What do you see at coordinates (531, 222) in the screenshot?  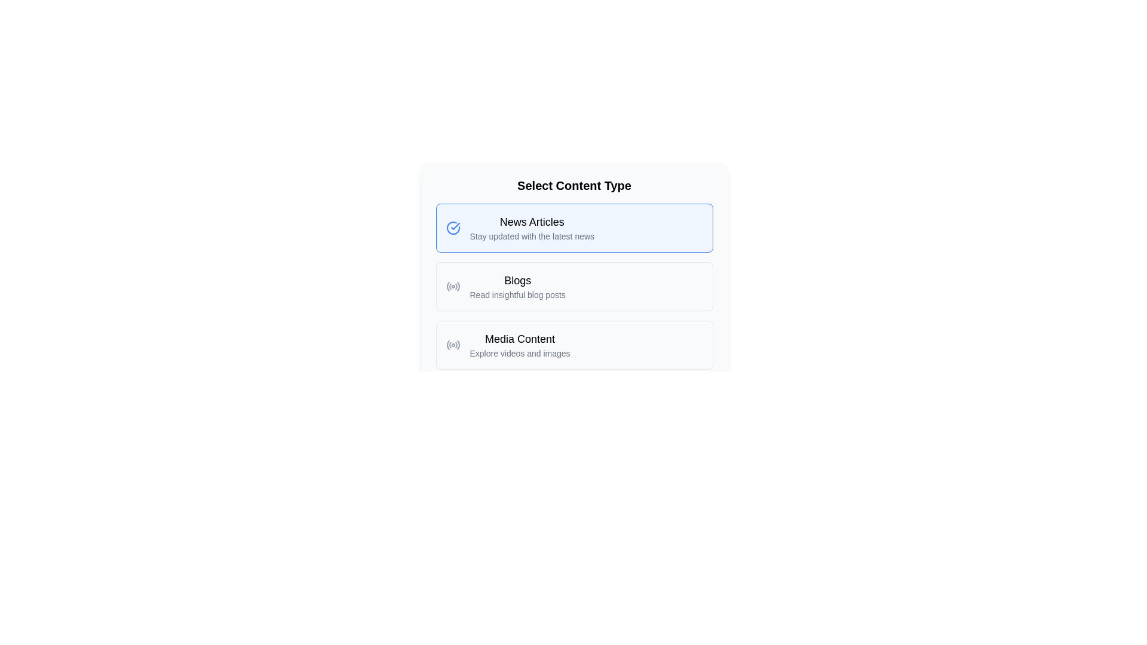 I see `text of the label indicating the category 'News Articles', which is located above the text 'Stay updated with the latest news' in the first content option box` at bounding box center [531, 222].